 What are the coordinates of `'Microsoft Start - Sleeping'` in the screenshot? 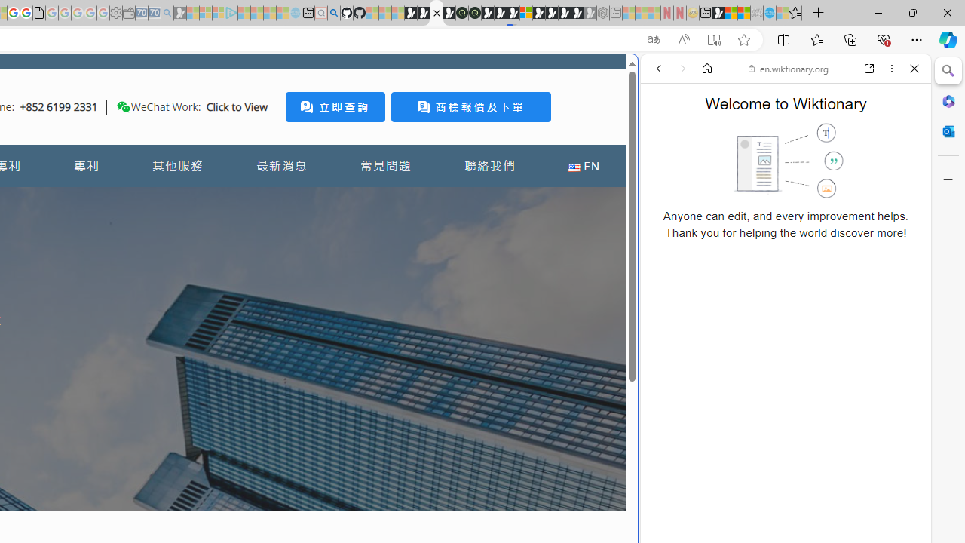 It's located at (269, 13).